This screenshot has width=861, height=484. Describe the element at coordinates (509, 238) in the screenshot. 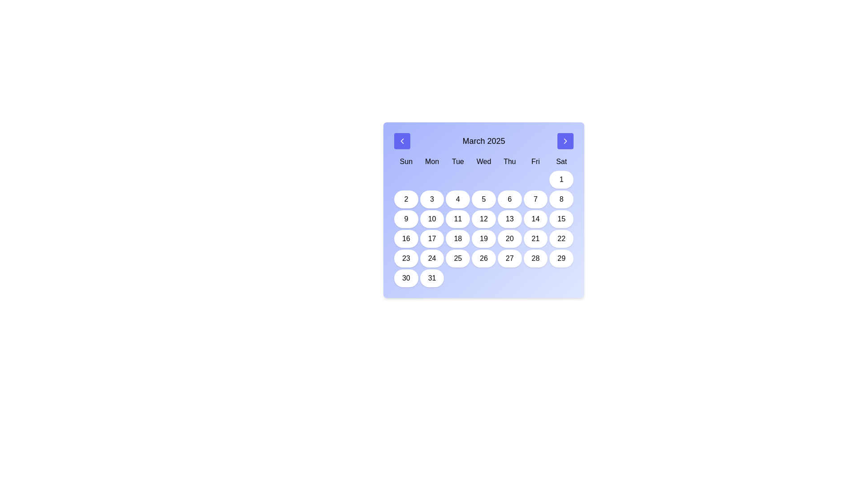

I see `the circular button with the number '20' in bold text` at that location.